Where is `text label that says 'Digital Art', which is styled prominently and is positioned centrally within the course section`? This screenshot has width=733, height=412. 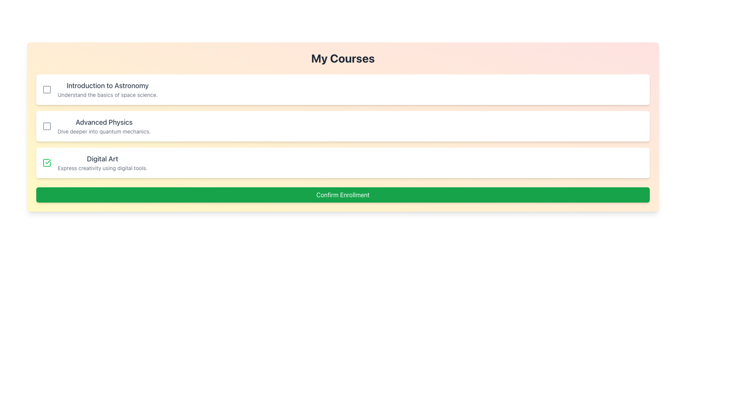
text label that says 'Digital Art', which is styled prominently and is positioned centrally within the course section is located at coordinates (102, 158).